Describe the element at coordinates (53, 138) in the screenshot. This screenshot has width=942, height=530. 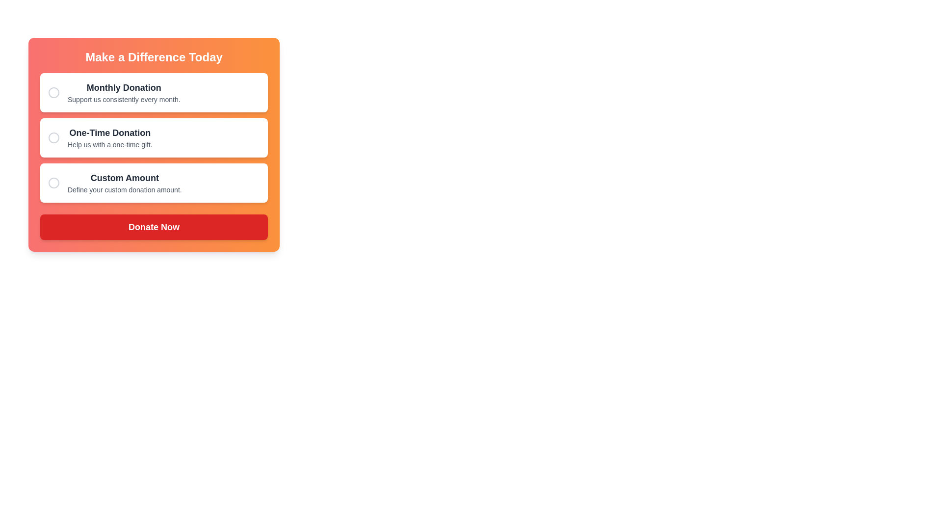
I see `the radio button with a gray outline and light gray background, located next to the 'One-Time Donation' text` at that location.